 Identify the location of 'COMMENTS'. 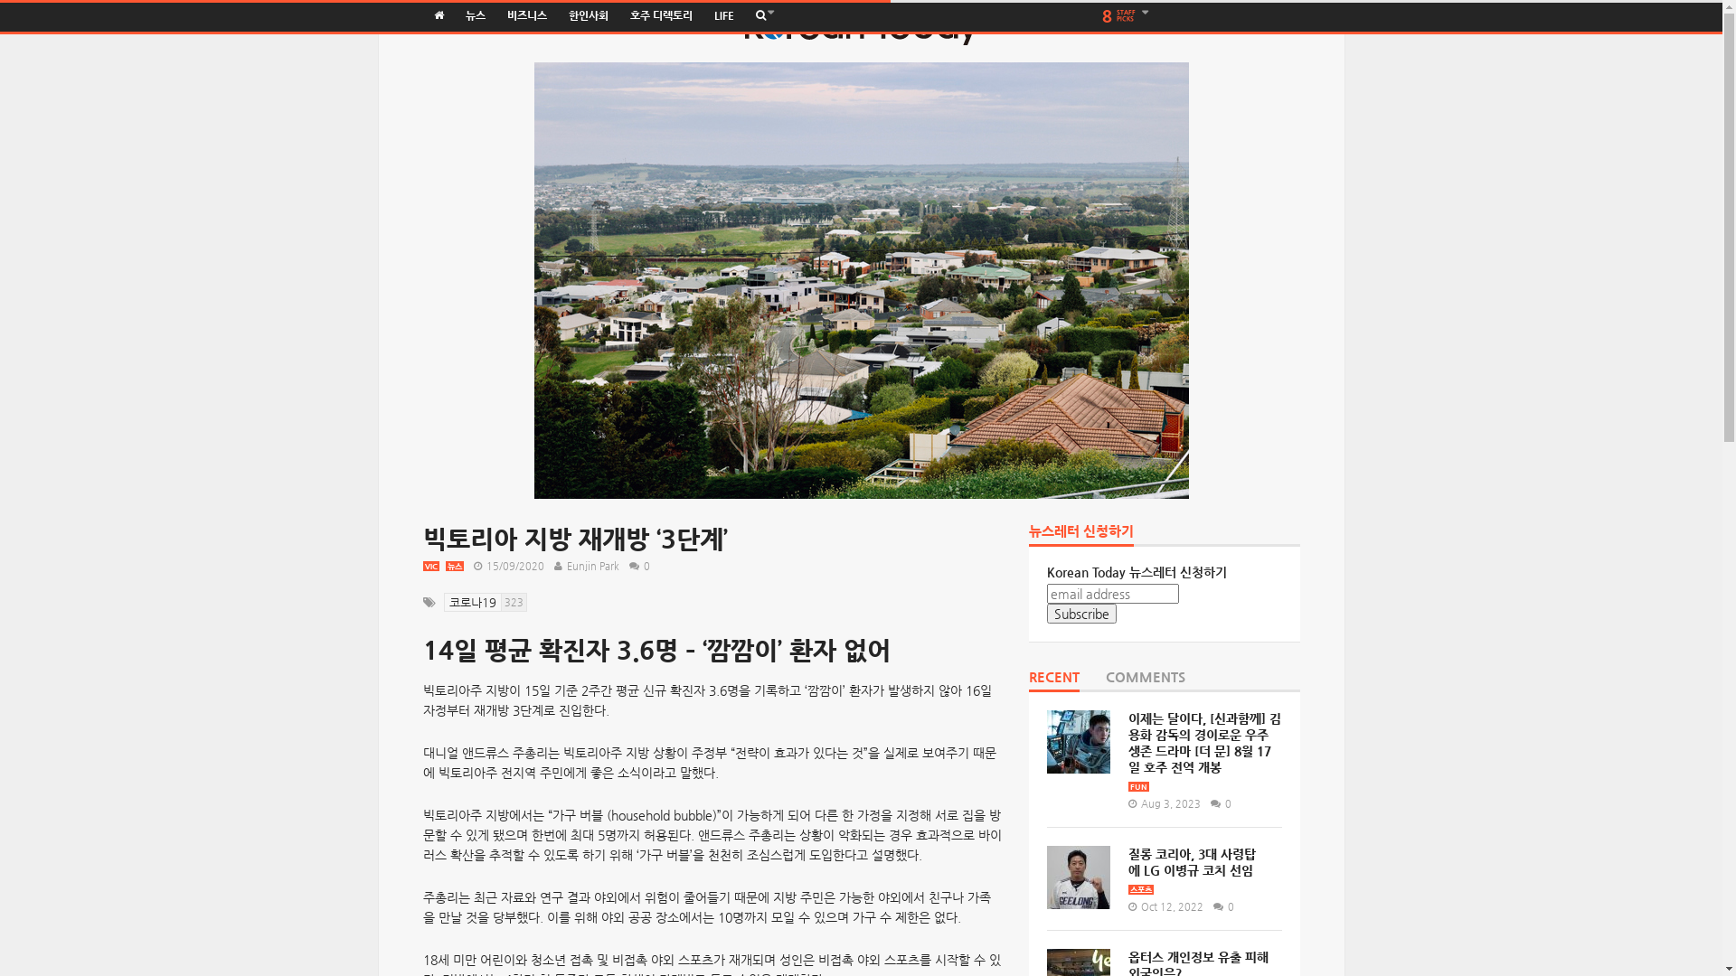
(1144, 680).